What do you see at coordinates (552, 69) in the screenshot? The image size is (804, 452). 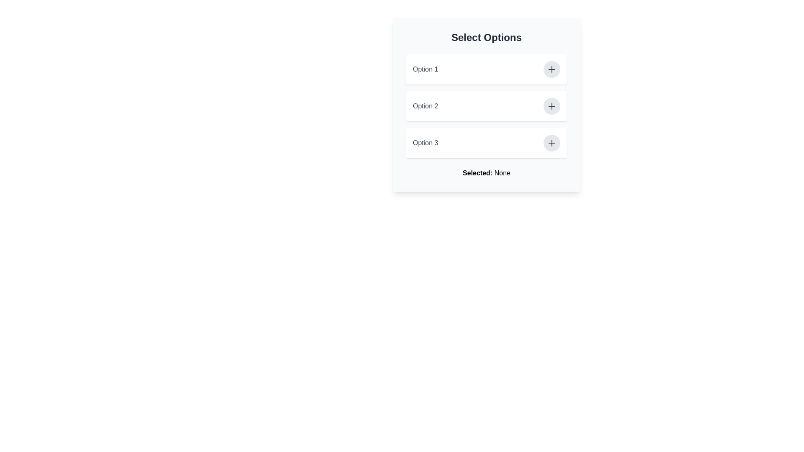 I see `the button located at the far right within the row labeled 'Option 1'` at bounding box center [552, 69].